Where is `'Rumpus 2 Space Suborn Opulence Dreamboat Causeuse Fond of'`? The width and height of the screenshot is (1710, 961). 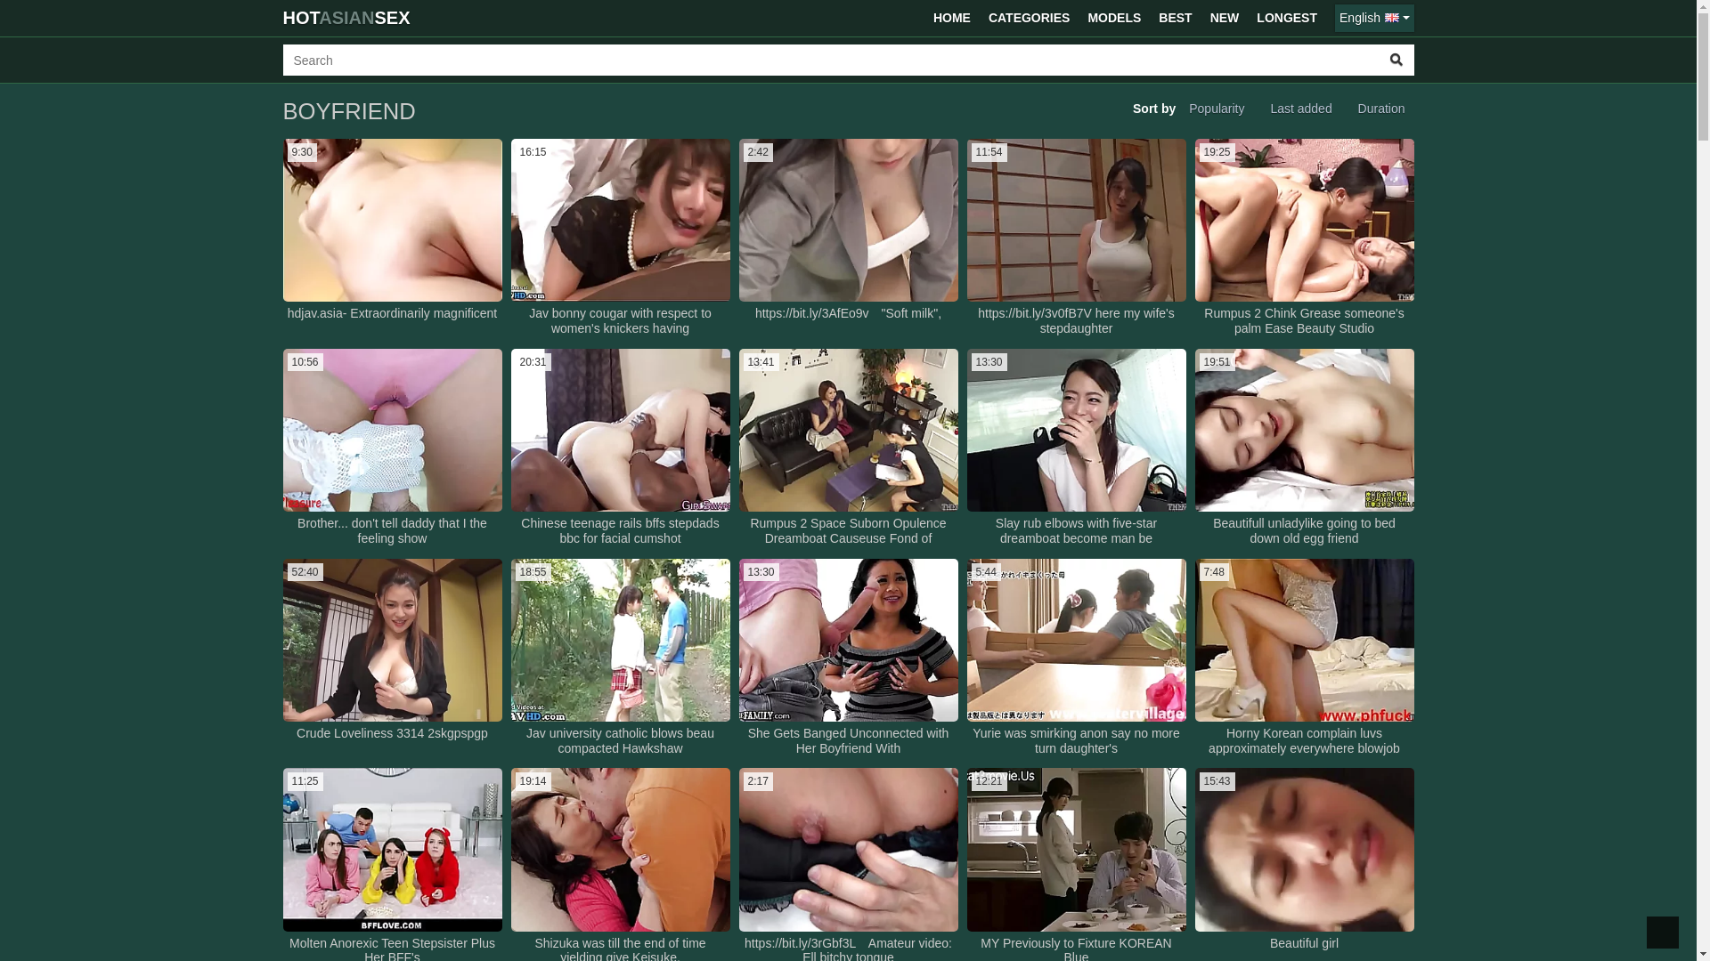
'Rumpus 2 Space Suborn Opulence Dreamboat Causeuse Fond of' is located at coordinates (846, 530).